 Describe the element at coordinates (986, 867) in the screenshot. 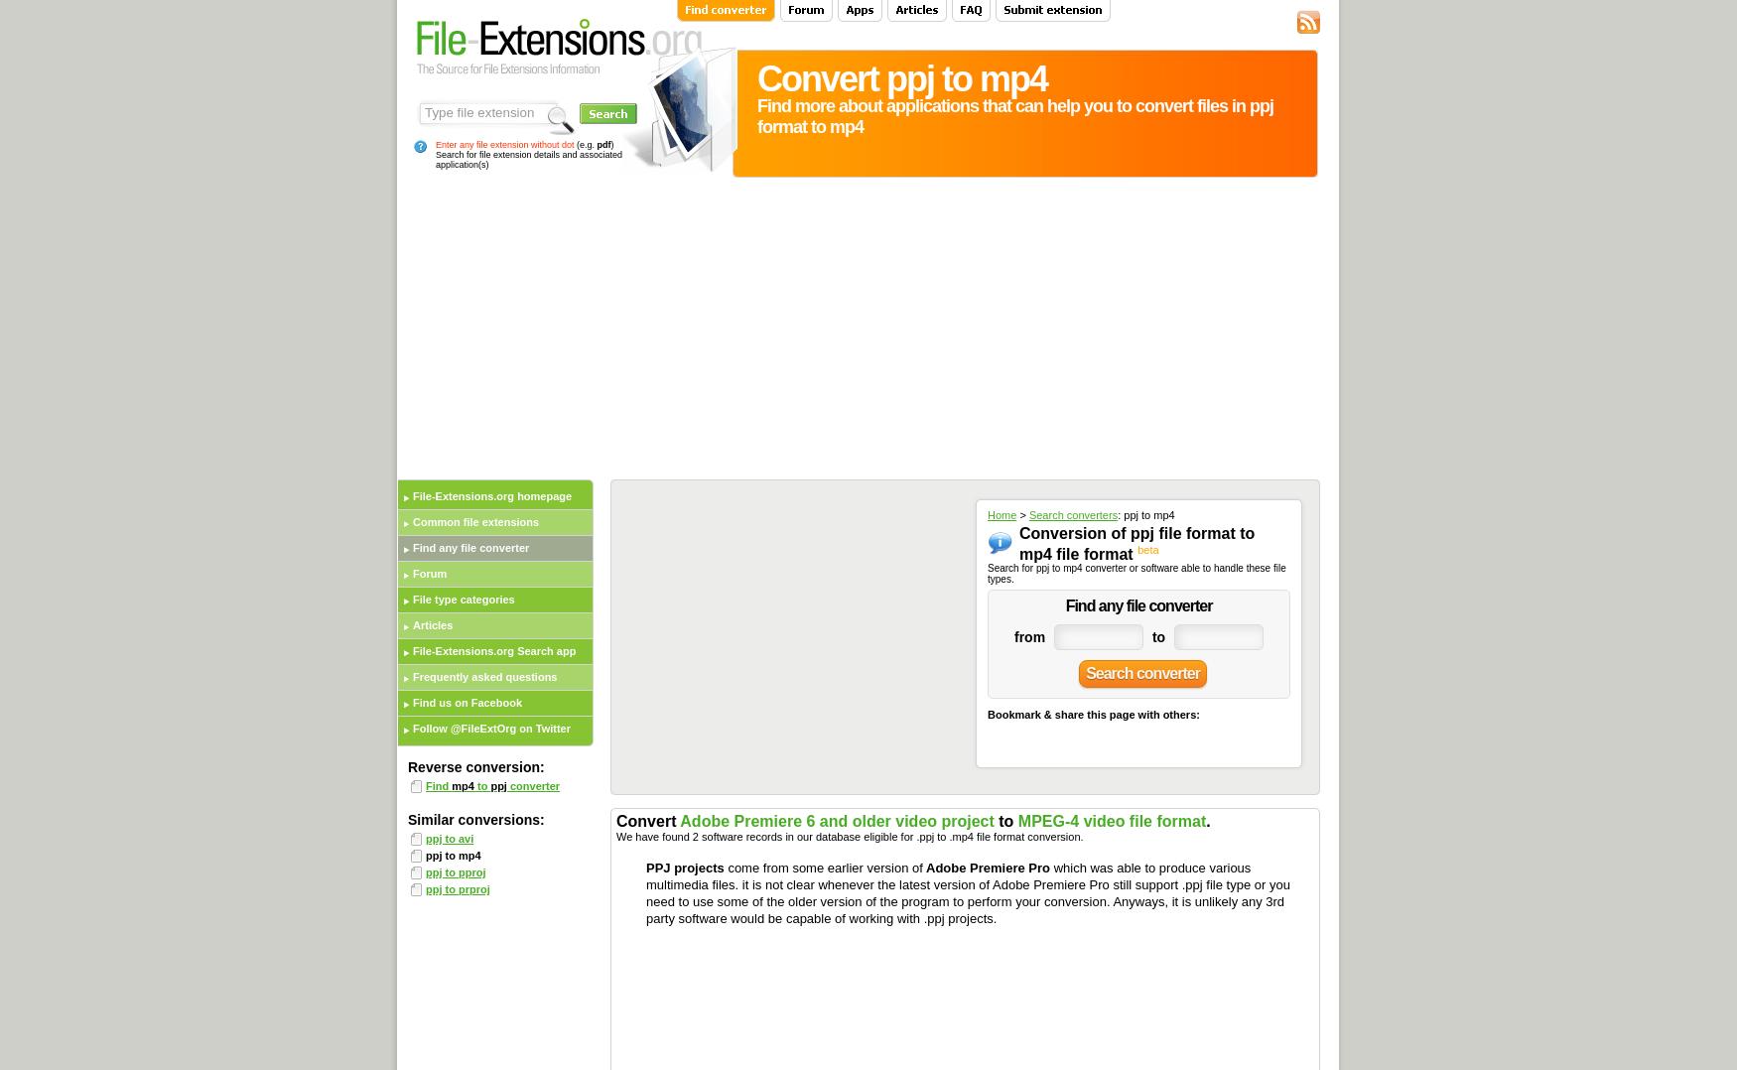

I see `'Adobe Premiere Pro'` at that location.